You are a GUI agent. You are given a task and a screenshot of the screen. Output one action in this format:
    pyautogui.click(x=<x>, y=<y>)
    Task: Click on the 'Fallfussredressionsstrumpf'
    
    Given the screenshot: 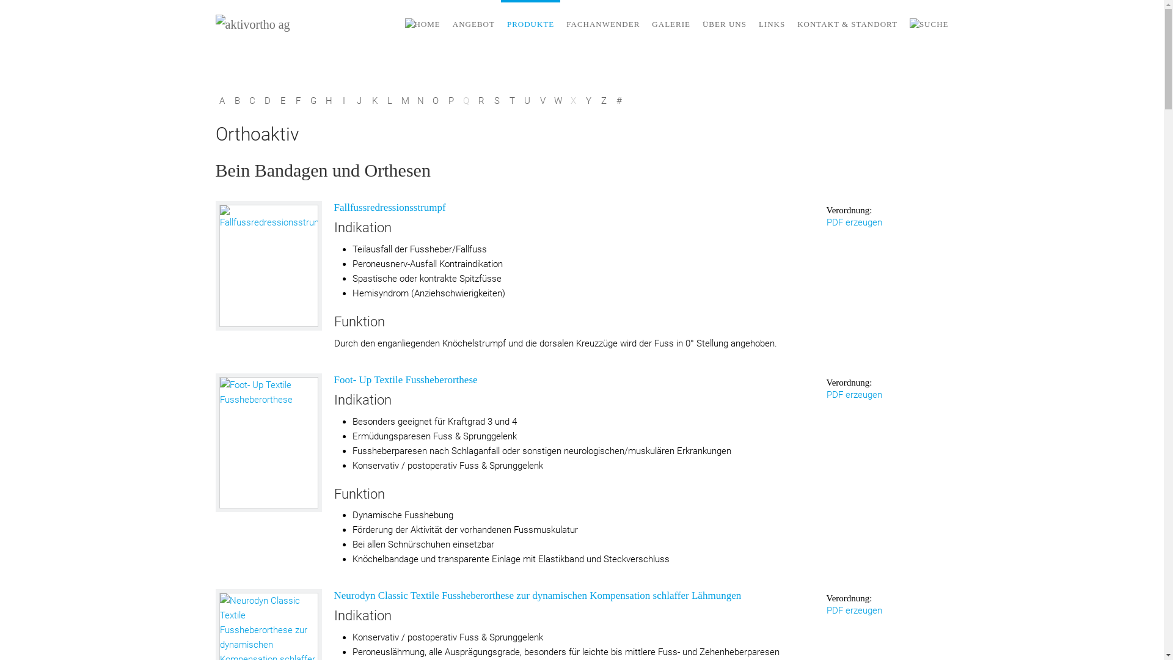 What is the action you would take?
    pyautogui.click(x=267, y=265)
    